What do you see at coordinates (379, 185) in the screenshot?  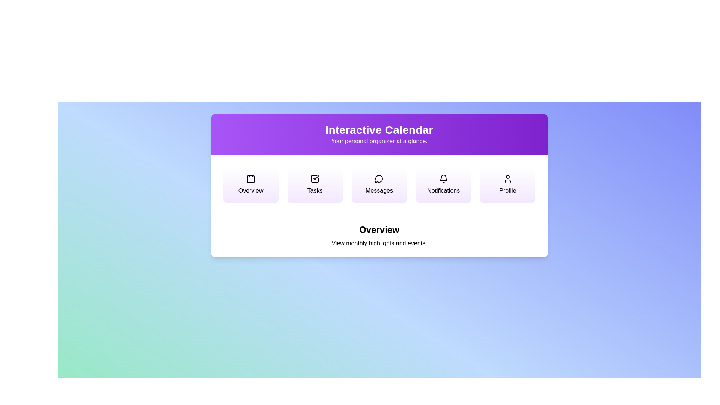 I see `the menu option Messages to view its description` at bounding box center [379, 185].